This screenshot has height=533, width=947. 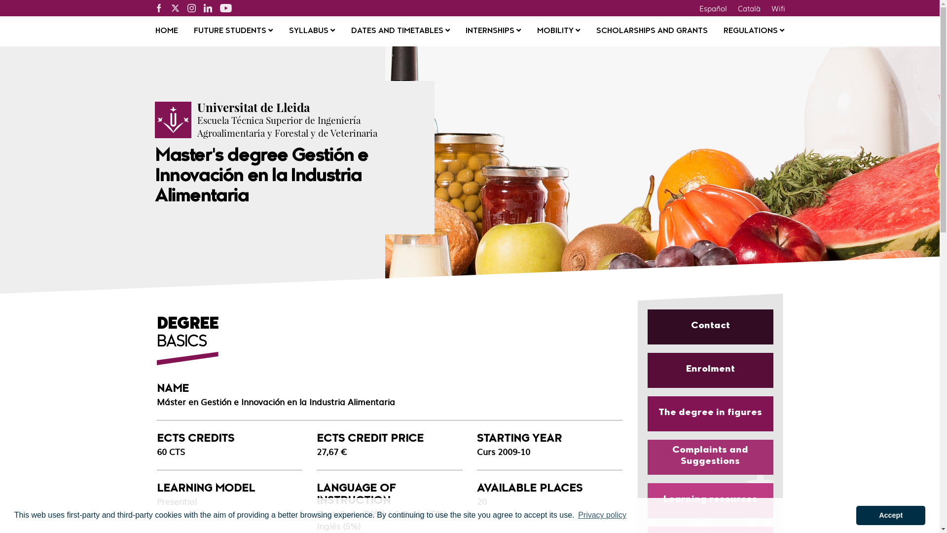 What do you see at coordinates (601, 515) in the screenshot?
I see `'Privacy policy'` at bounding box center [601, 515].